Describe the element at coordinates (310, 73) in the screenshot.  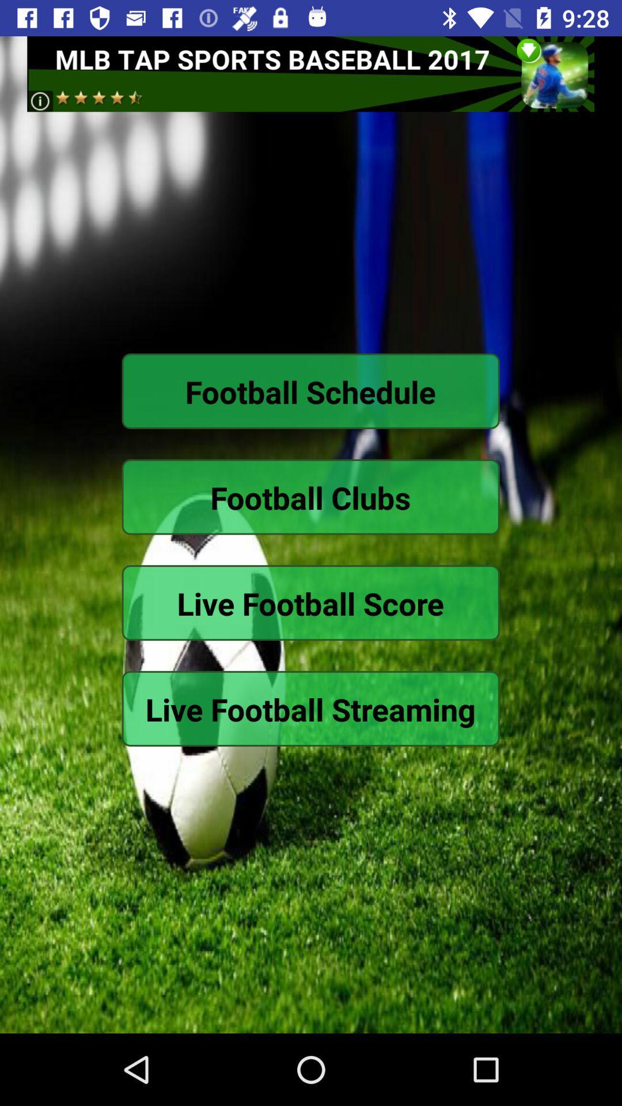
I see `advertisement` at that location.